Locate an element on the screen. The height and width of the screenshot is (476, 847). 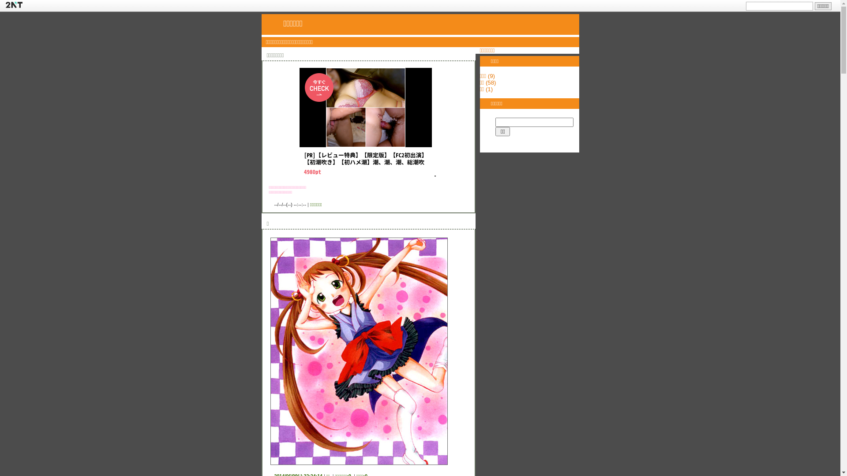
'--/--/--(--) --:--:--' is located at coordinates (290, 204).